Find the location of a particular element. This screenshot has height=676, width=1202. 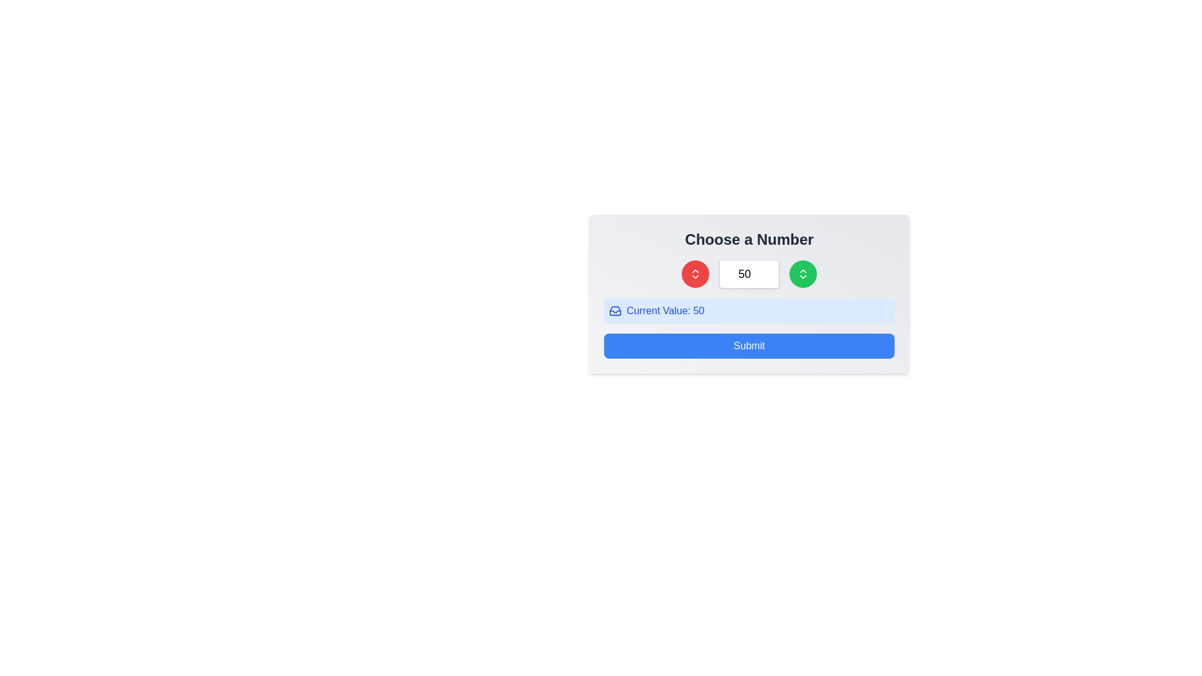

the minimalist outline inbox icon positioned on the far left of the group, just before the text 'Current Value: 50' is located at coordinates (615, 310).